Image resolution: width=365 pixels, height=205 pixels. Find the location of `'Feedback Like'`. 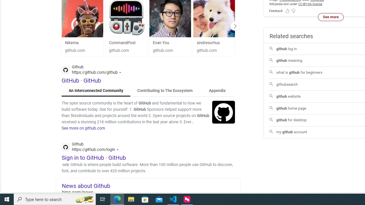

'Feedback Like' is located at coordinates (287, 11).